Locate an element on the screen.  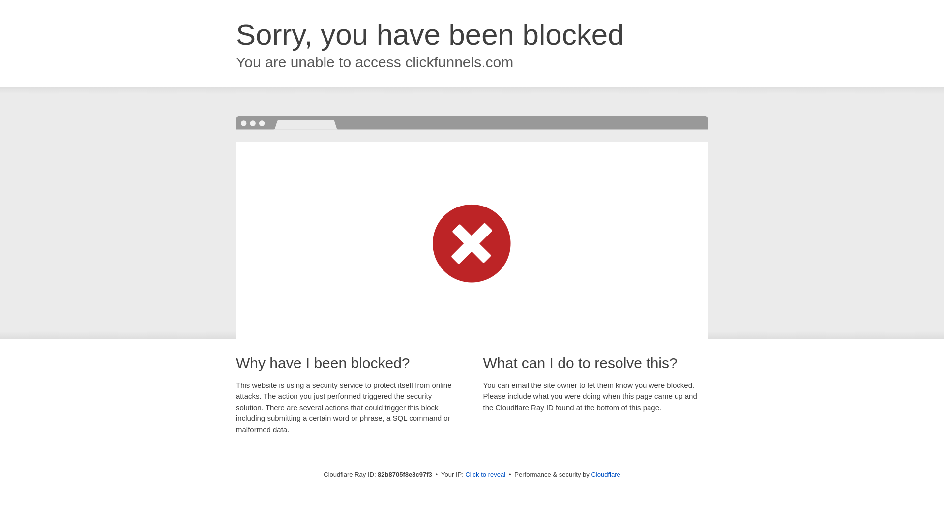
'Click to reveal' is located at coordinates (485, 474).